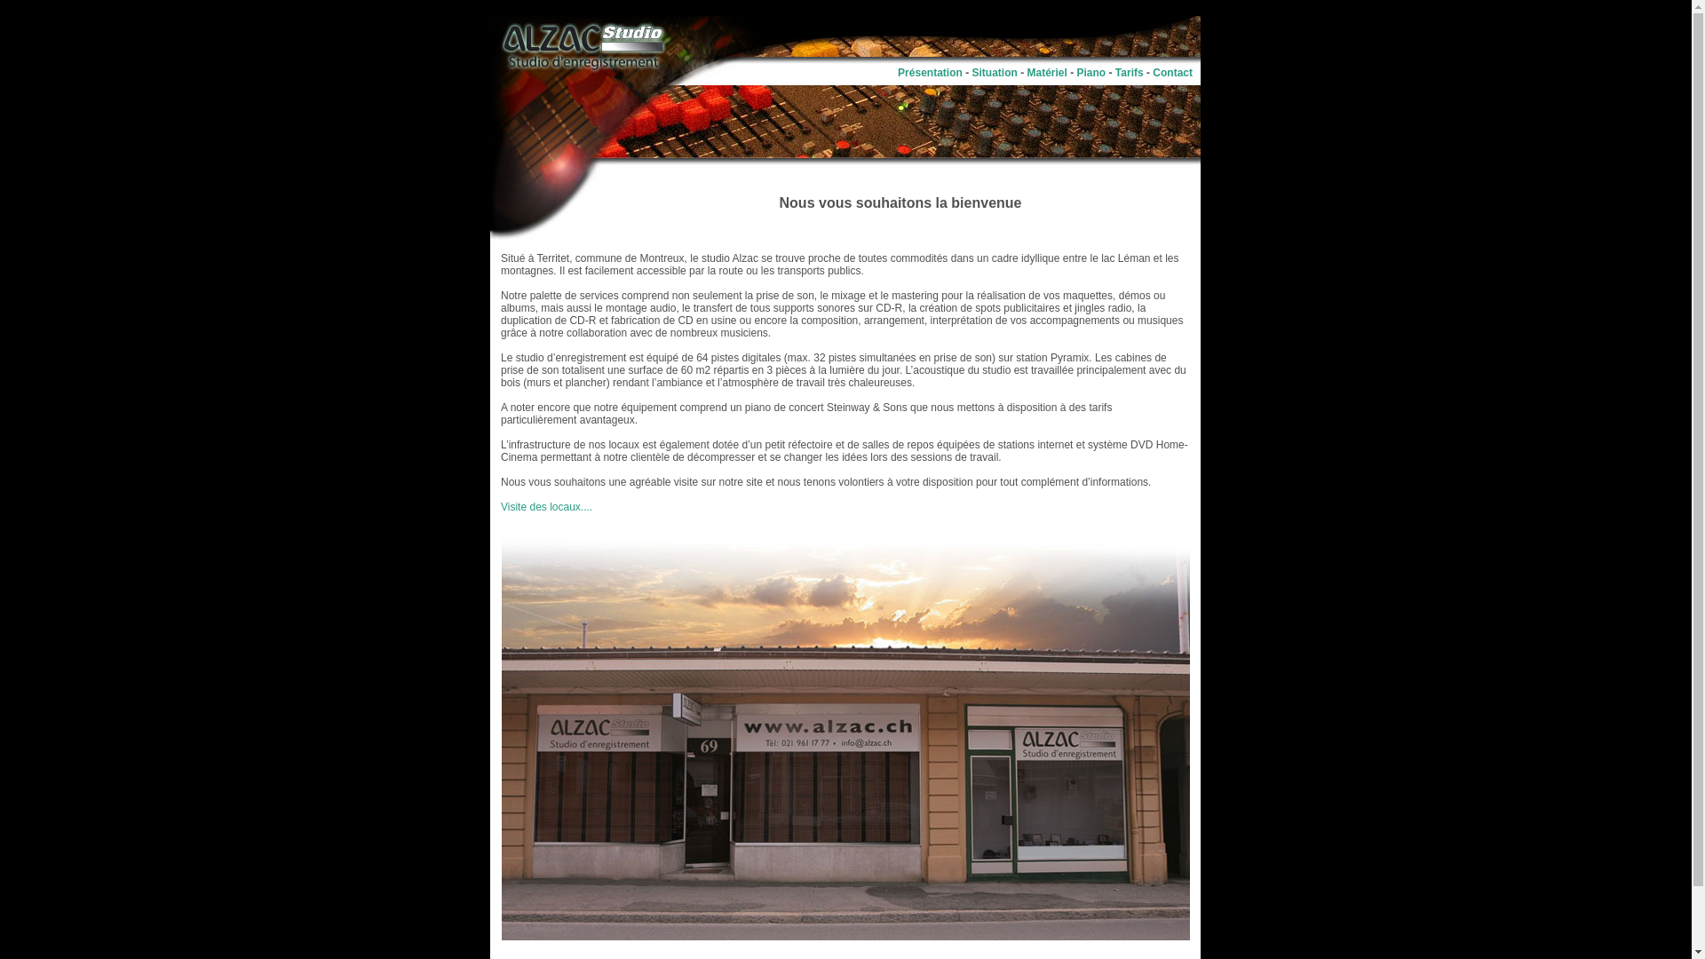  Describe the element at coordinates (1090, 71) in the screenshot. I see `'Piano'` at that location.